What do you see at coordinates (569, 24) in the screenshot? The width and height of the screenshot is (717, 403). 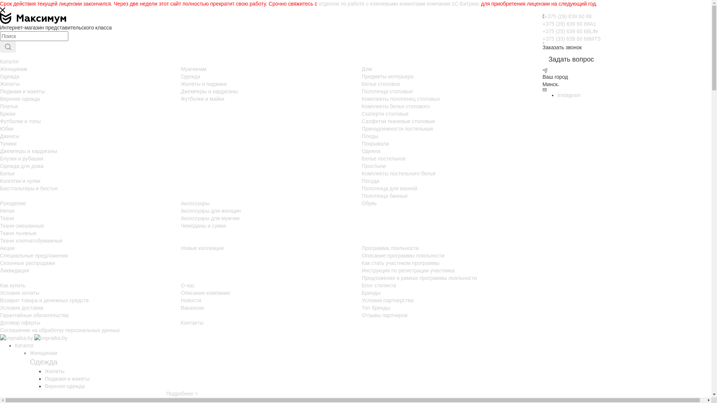 I see `'+375 (29) 639 60 68A1'` at bounding box center [569, 24].